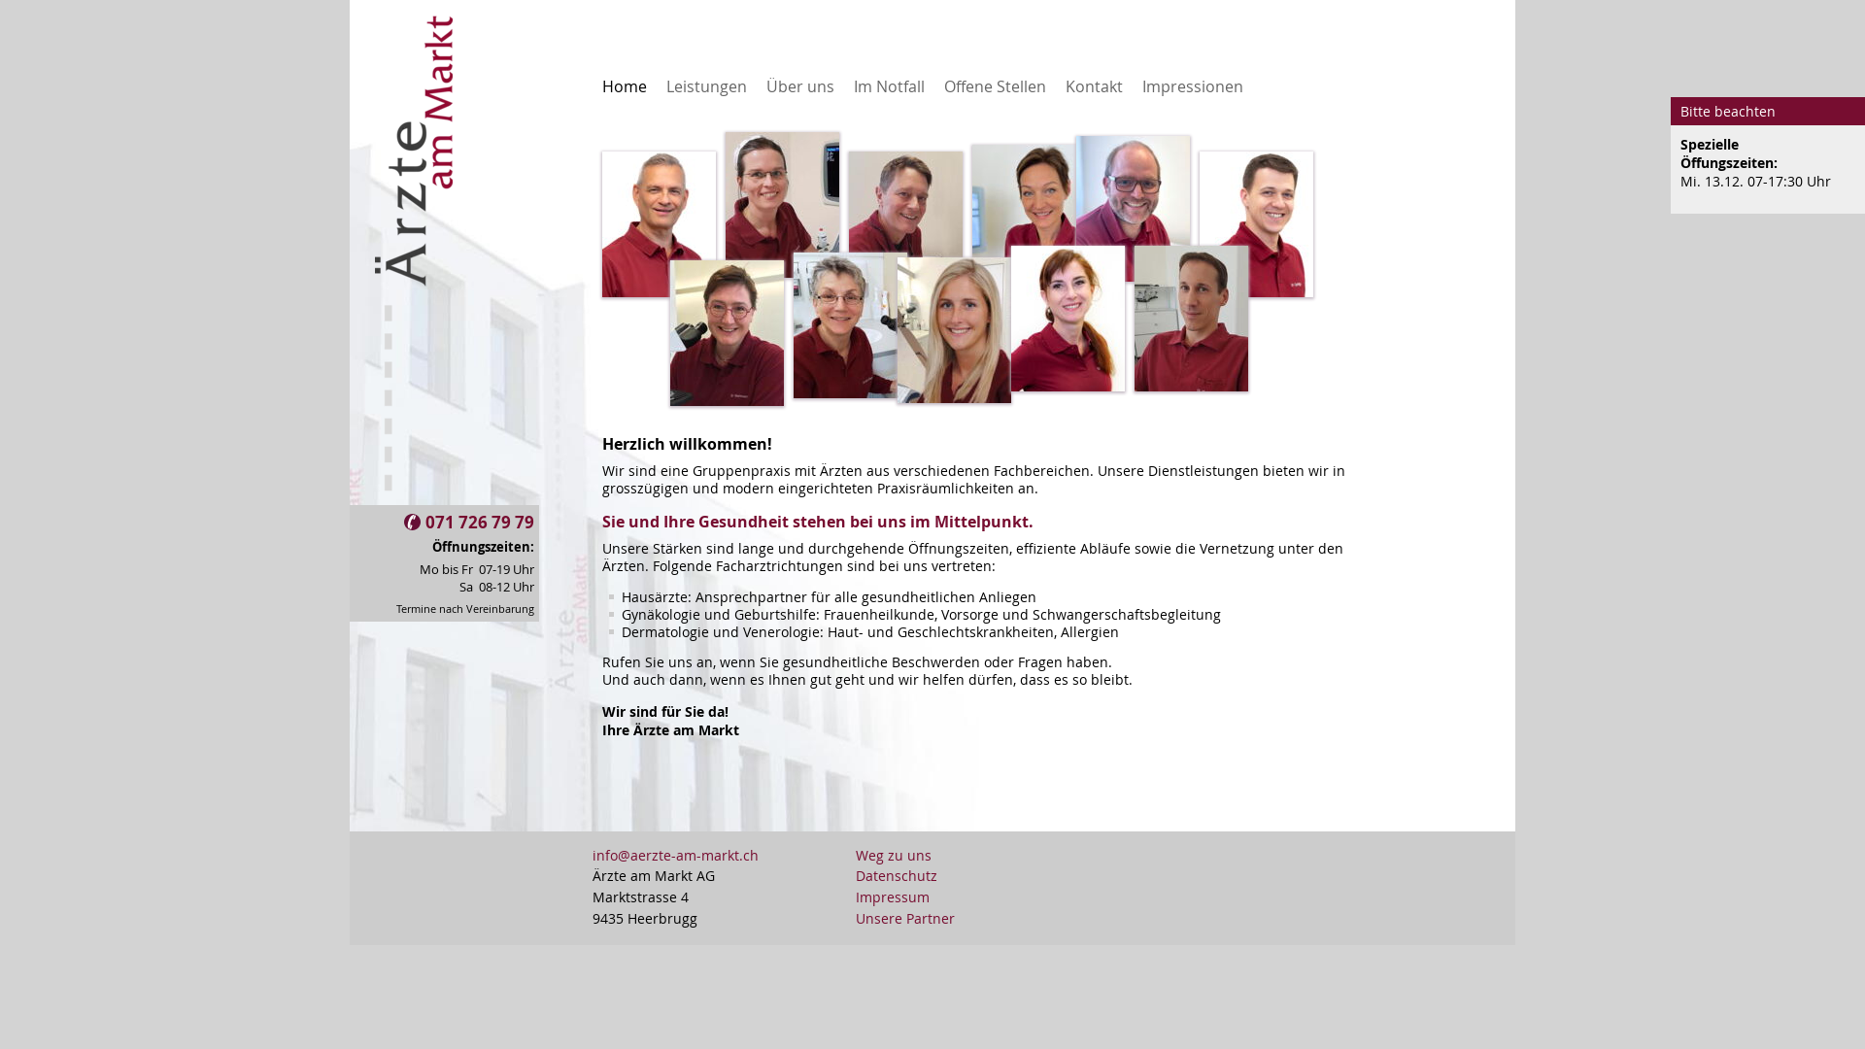 This screenshot has width=1865, height=1049. I want to click on 'Impressum', so click(903, 898).